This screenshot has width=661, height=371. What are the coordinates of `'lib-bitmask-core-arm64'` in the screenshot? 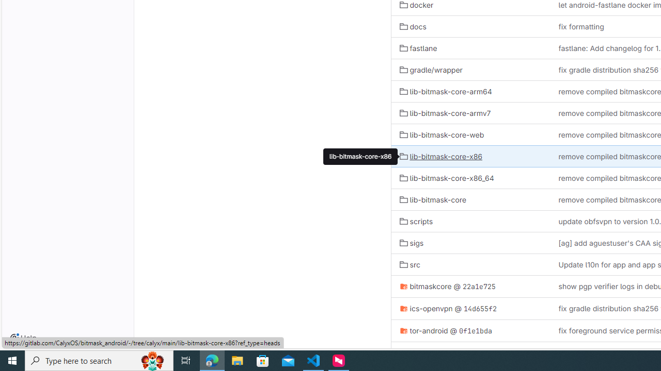 It's located at (446, 91).